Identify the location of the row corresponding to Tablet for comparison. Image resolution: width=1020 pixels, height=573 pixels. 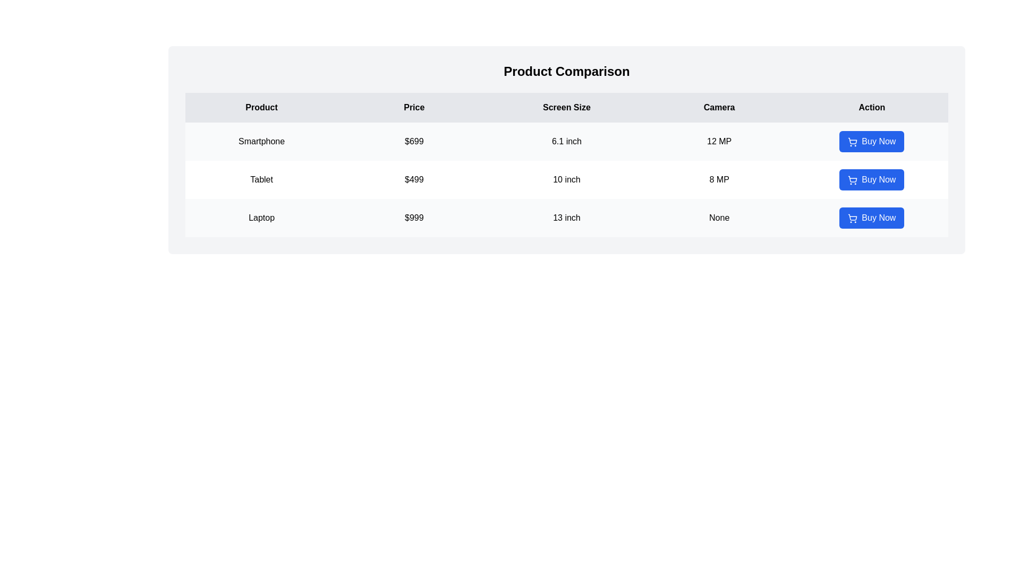
(566, 179).